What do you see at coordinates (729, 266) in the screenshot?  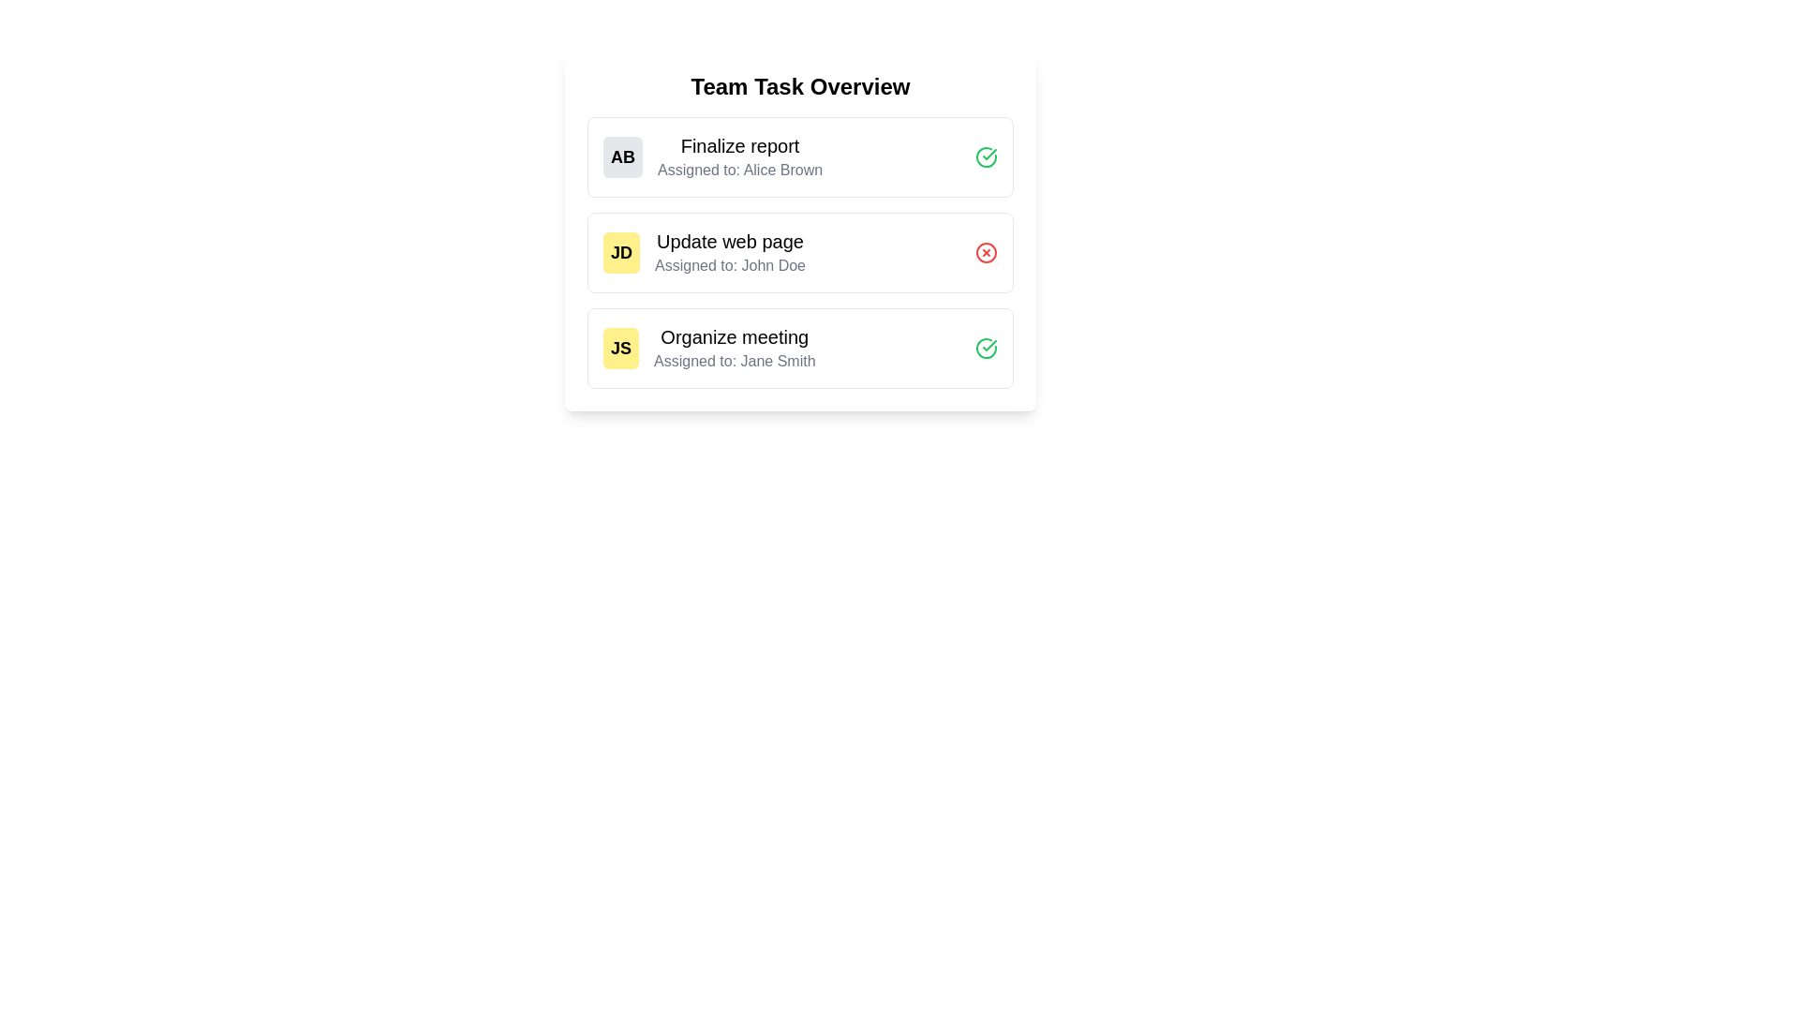 I see `the static text label indicating the assignee for the associated task, which is positioned below the title 'Update web page'` at bounding box center [729, 266].